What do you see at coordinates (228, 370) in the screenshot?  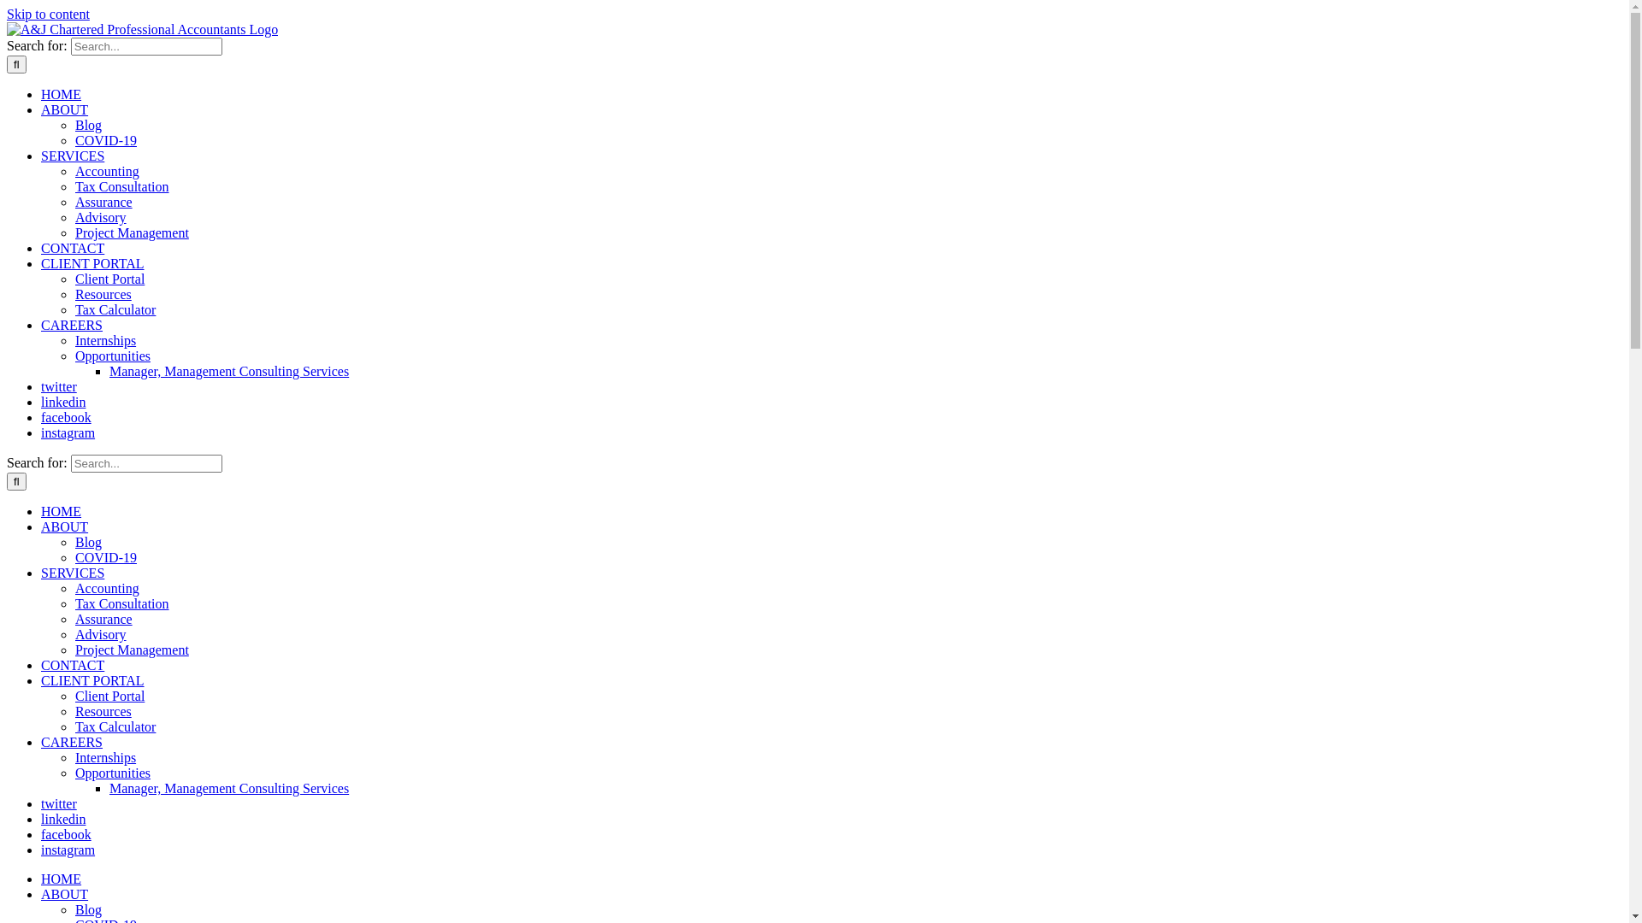 I see `'Manager, Management Consulting Services'` at bounding box center [228, 370].